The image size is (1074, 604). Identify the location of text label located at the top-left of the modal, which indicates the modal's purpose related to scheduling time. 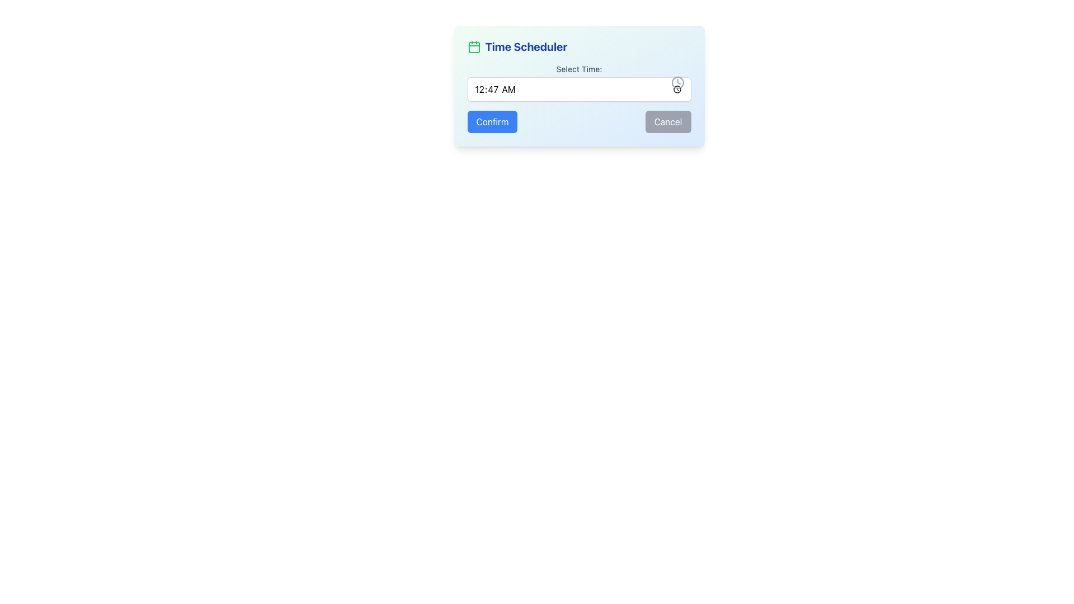
(525, 46).